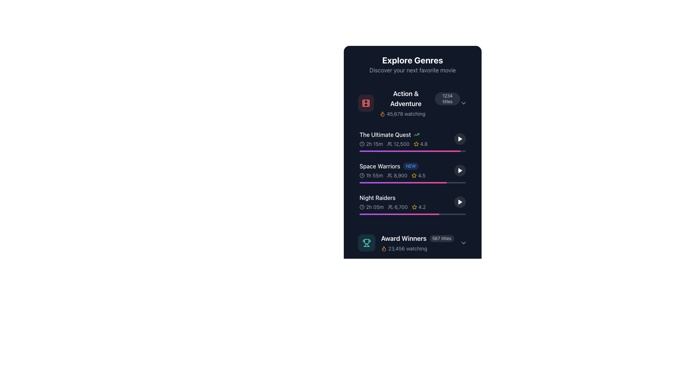  I want to click on details for information about the movie 'Night Raiders' by interacting with the third List item card in the vertical scrollable list, so click(413, 204).